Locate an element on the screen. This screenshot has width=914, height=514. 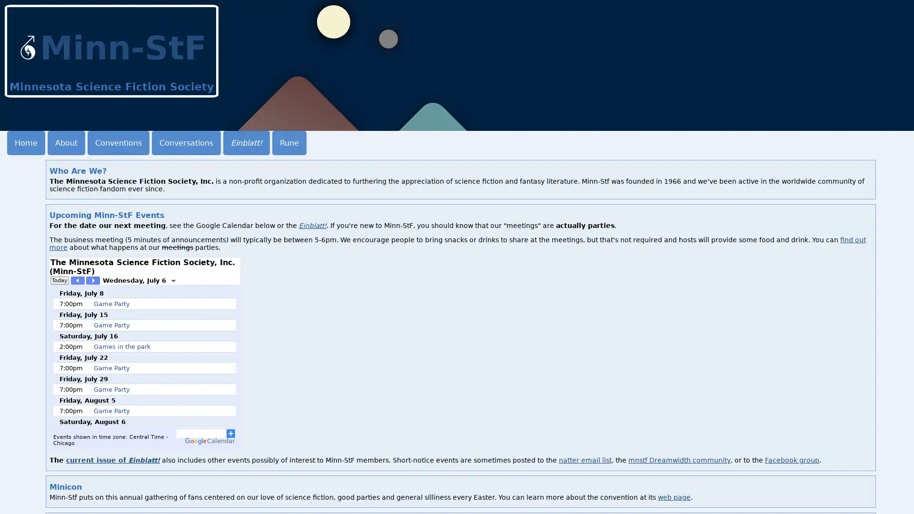
About is located at coordinates (66, 143).